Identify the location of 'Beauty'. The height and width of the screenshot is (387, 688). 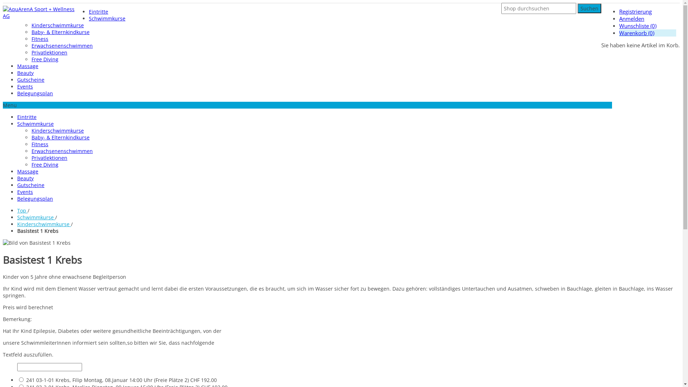
(25, 178).